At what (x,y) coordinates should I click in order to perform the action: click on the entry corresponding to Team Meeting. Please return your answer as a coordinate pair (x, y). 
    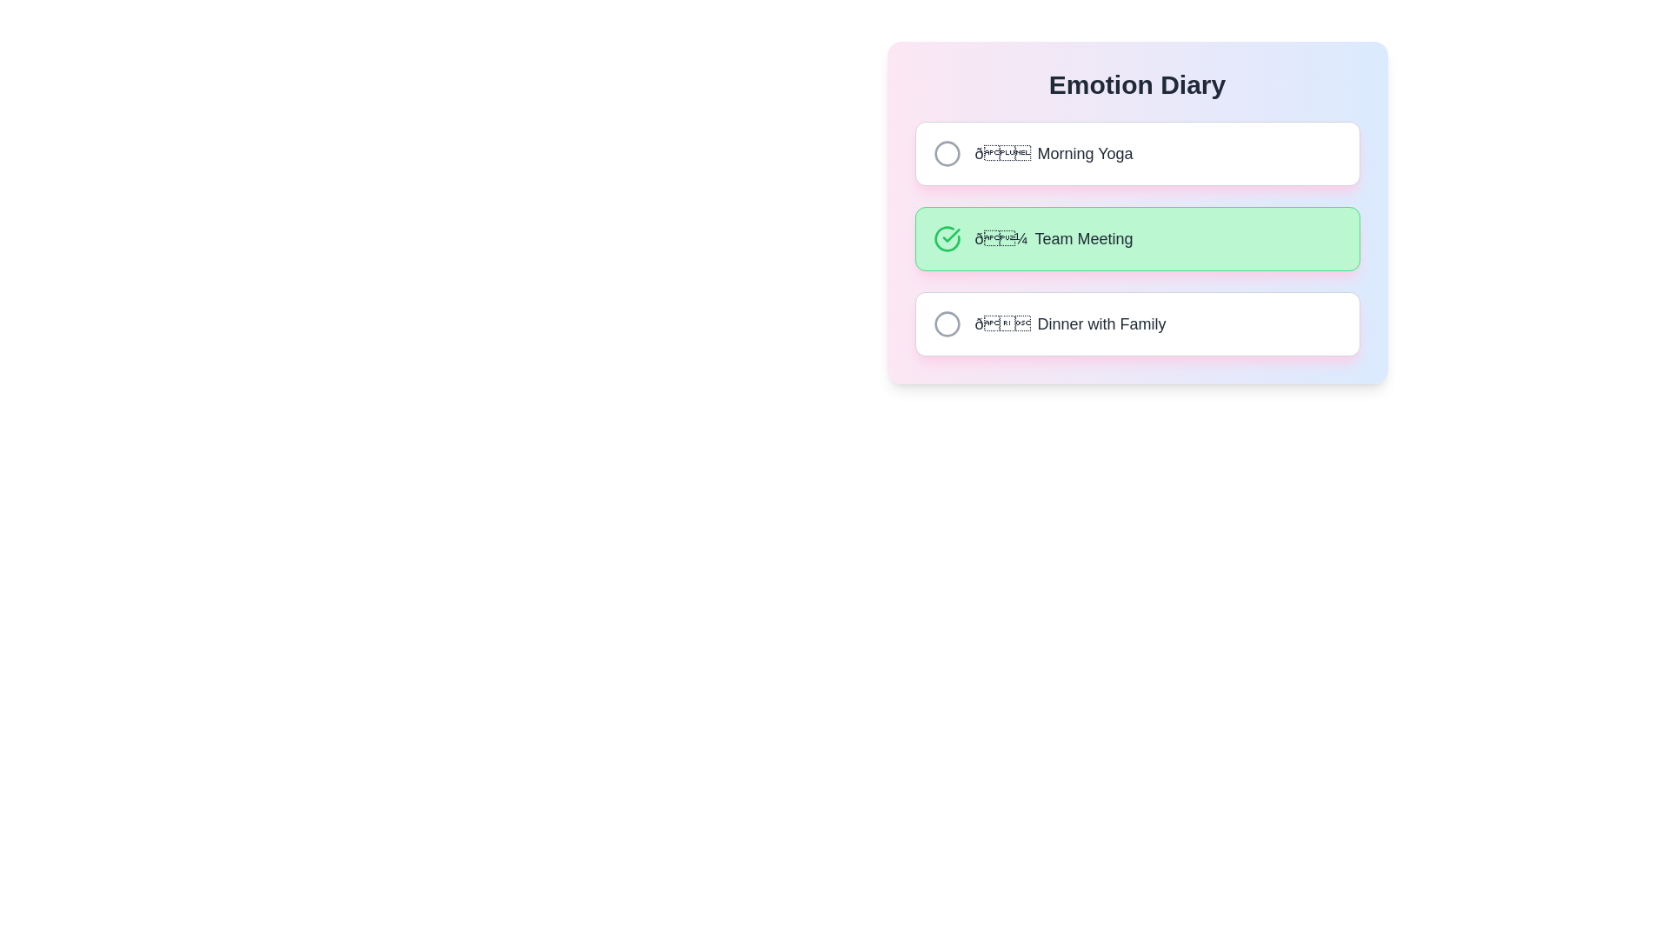
    Looking at the image, I should click on (1137, 238).